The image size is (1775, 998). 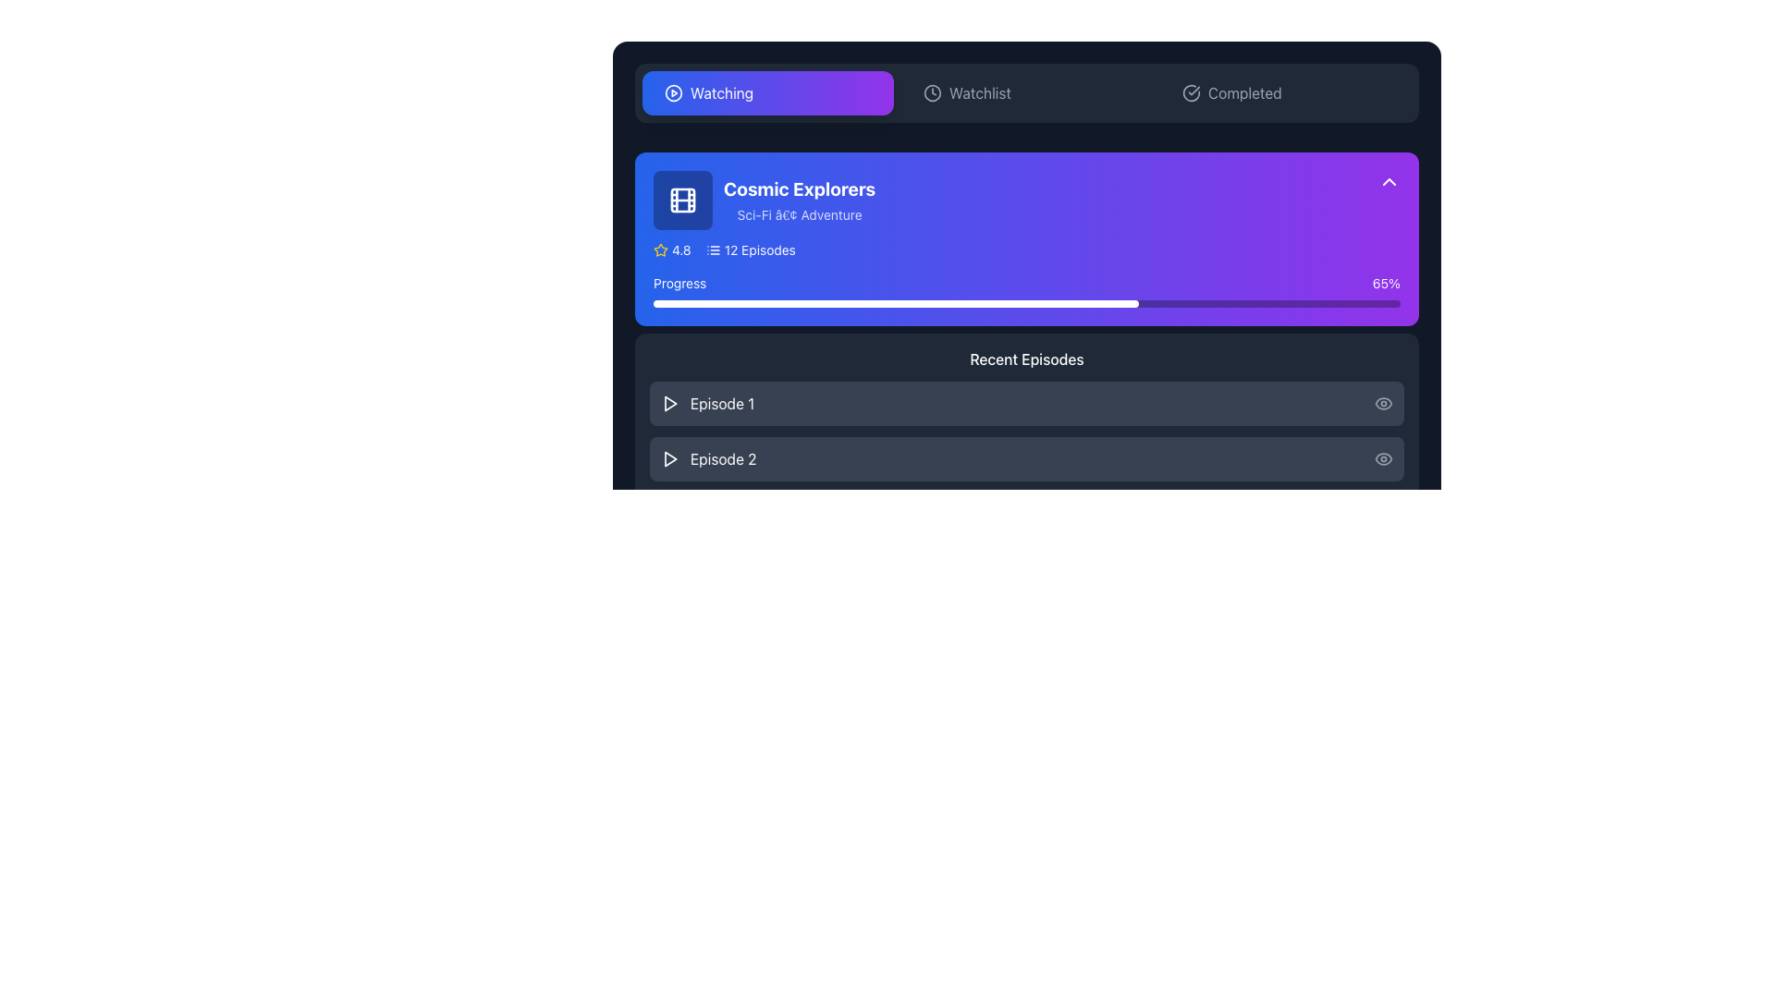 I want to click on progress bar, so click(x=1272, y=302).